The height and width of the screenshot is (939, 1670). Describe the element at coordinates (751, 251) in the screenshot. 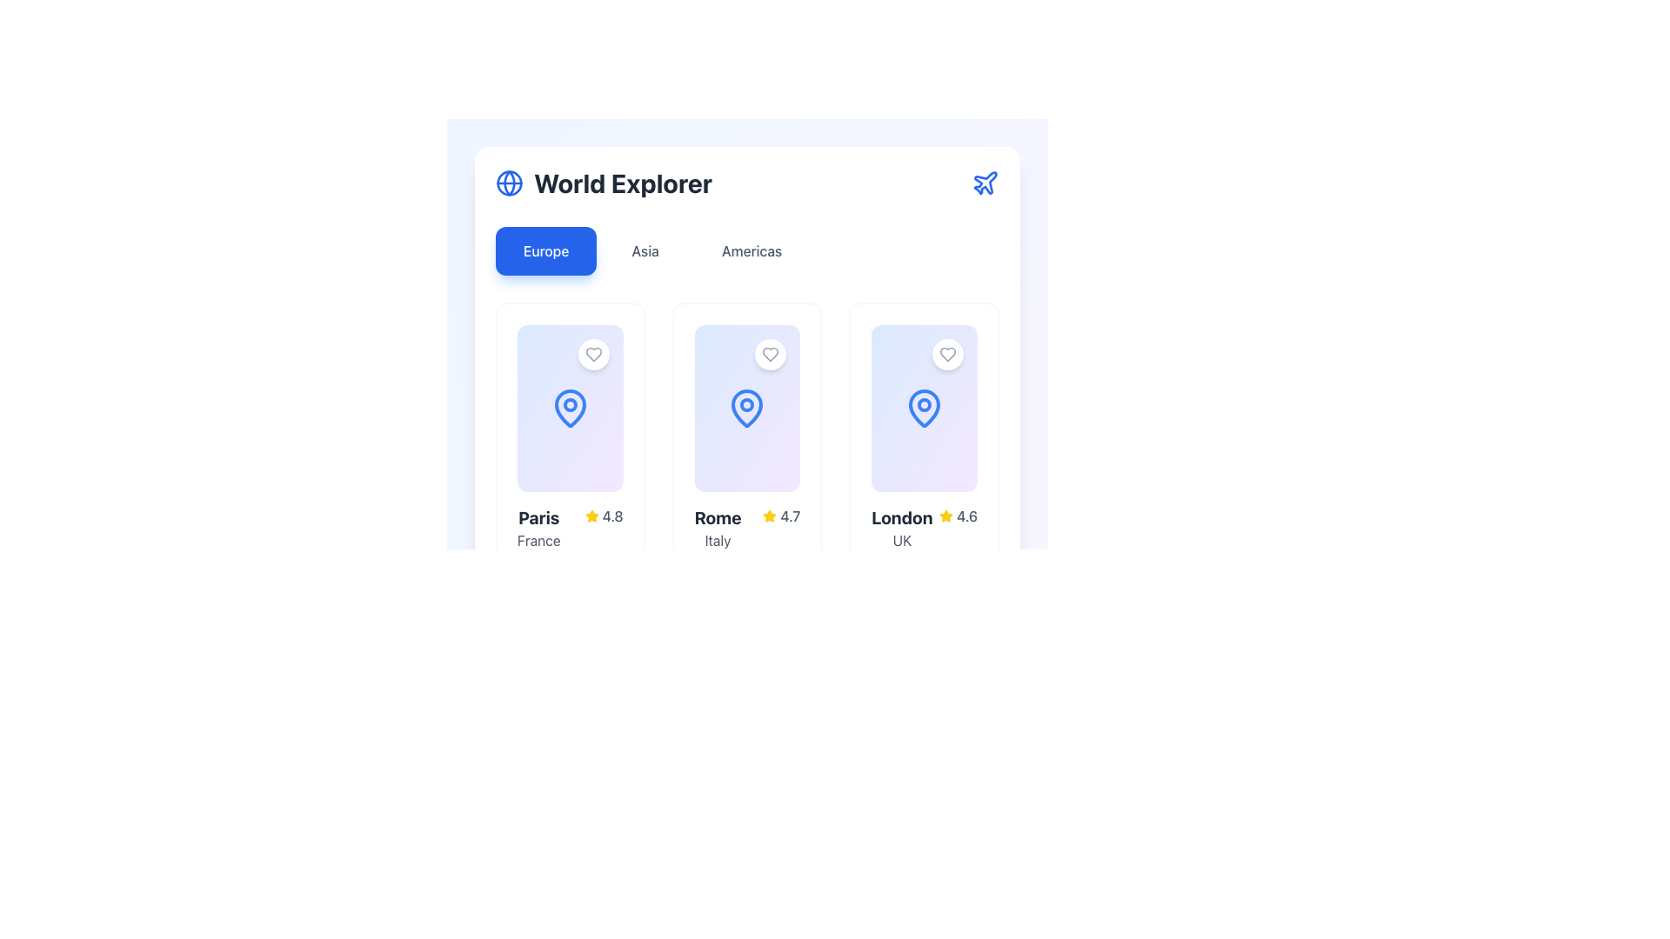

I see `the 'Americas' button, which is a medium-sized rectangular button with gray text and a rounded rectangular shape, located in the top center of the interface below the title 'World Explorer'` at that location.